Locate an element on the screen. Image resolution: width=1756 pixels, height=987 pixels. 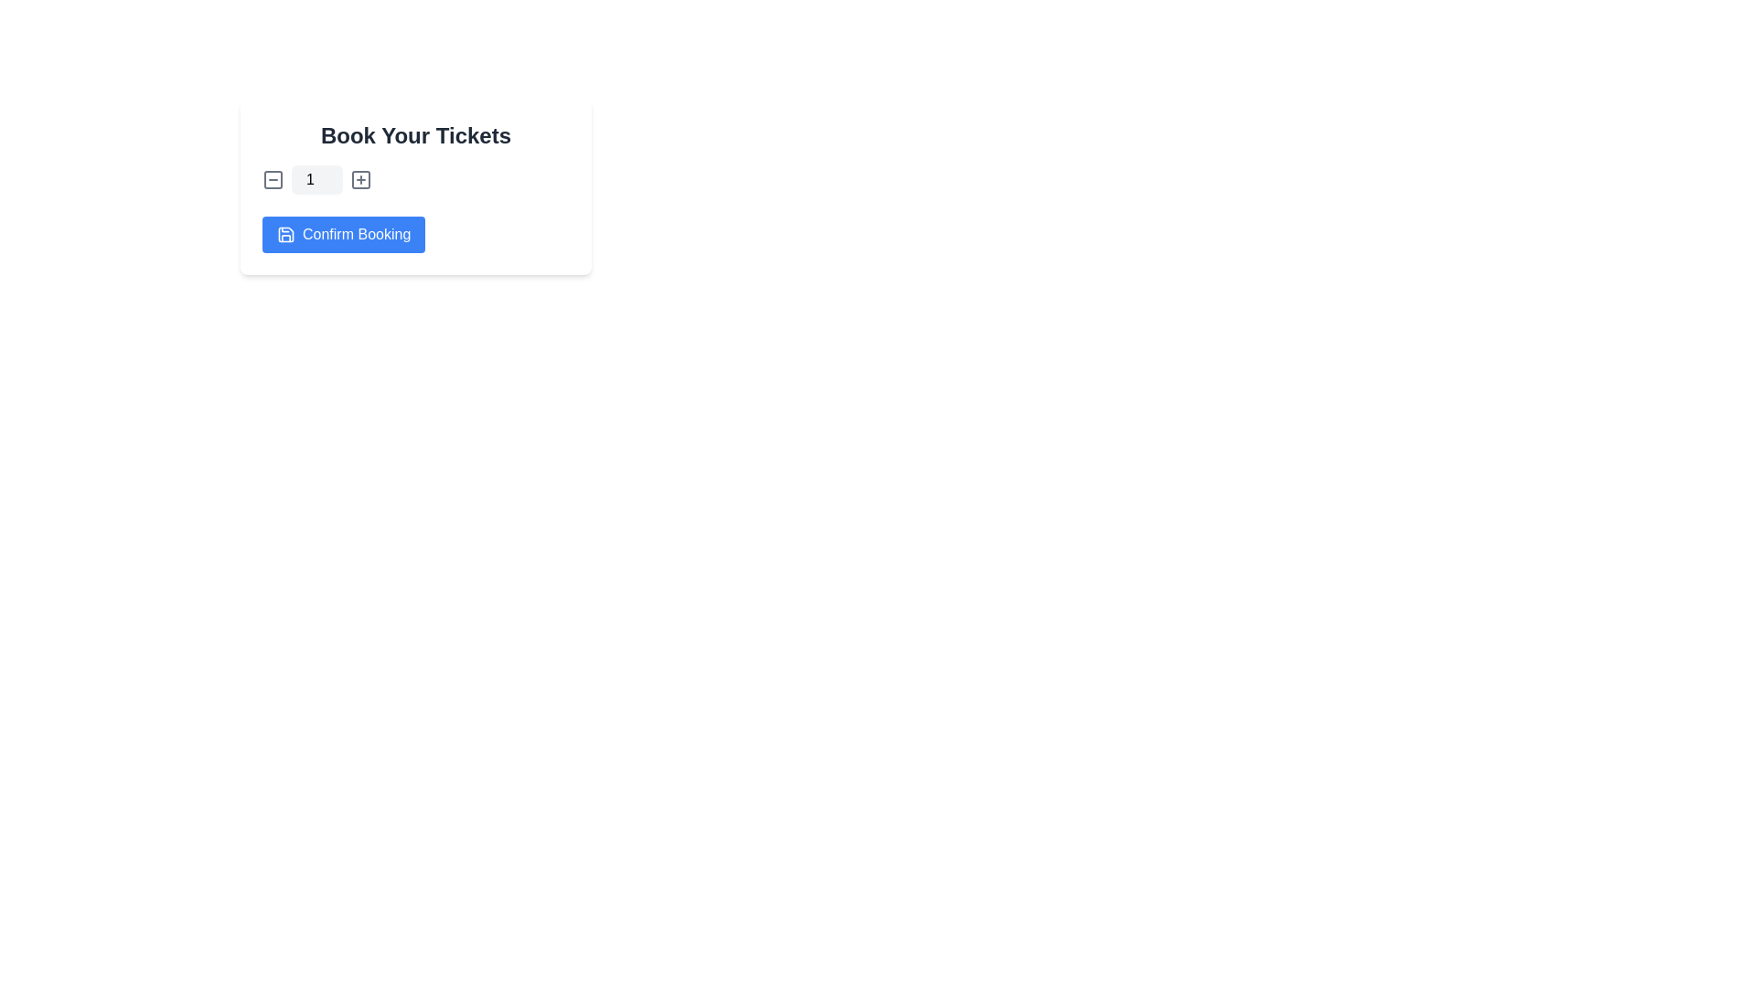
the minus icon button located under the 'Book Your Tickets' heading, which is the first element in a sequence of controls, to decrement the value is located at coordinates (272, 179).